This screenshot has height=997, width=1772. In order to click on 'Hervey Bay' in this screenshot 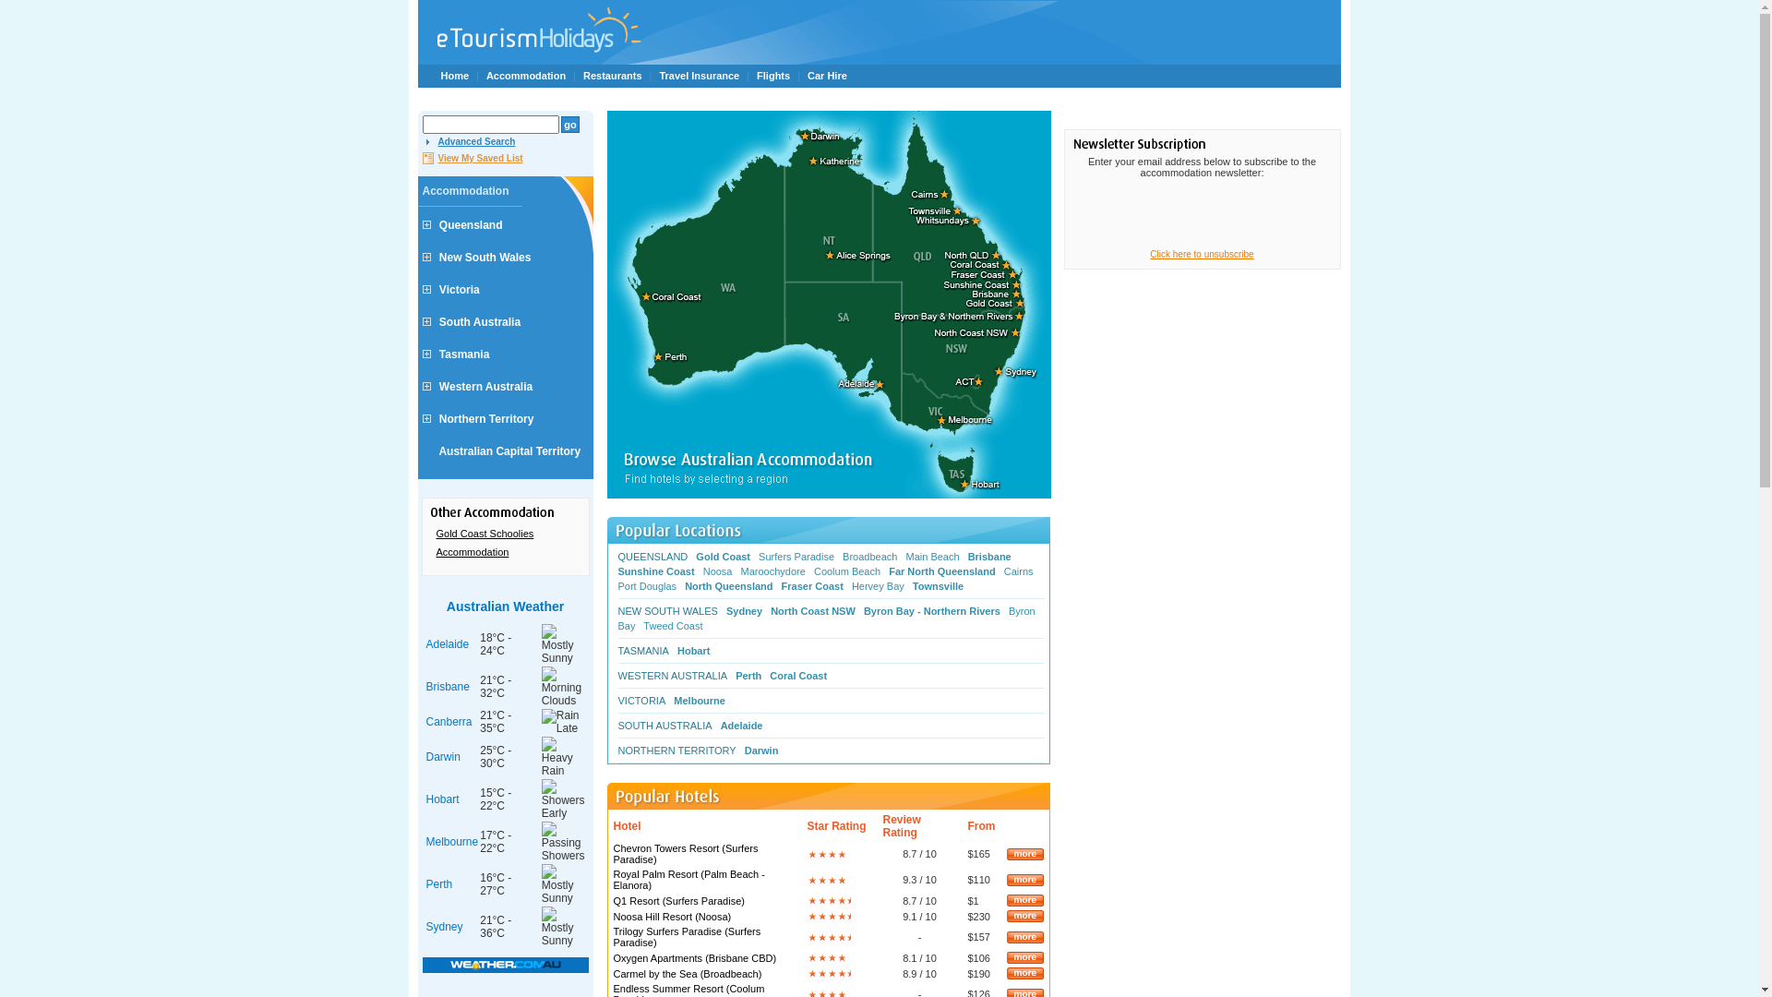, I will do `click(850, 586)`.